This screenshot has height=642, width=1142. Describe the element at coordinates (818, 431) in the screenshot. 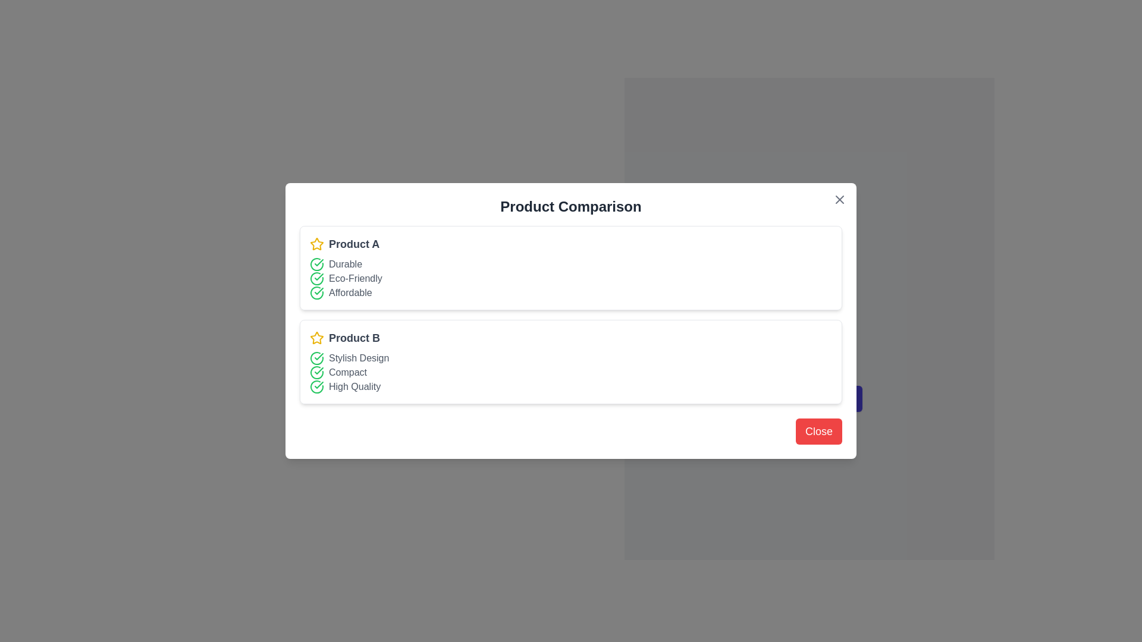

I see `the 'Close' button with a red background and white text located at the bottom-right corner of the dialog box` at that location.